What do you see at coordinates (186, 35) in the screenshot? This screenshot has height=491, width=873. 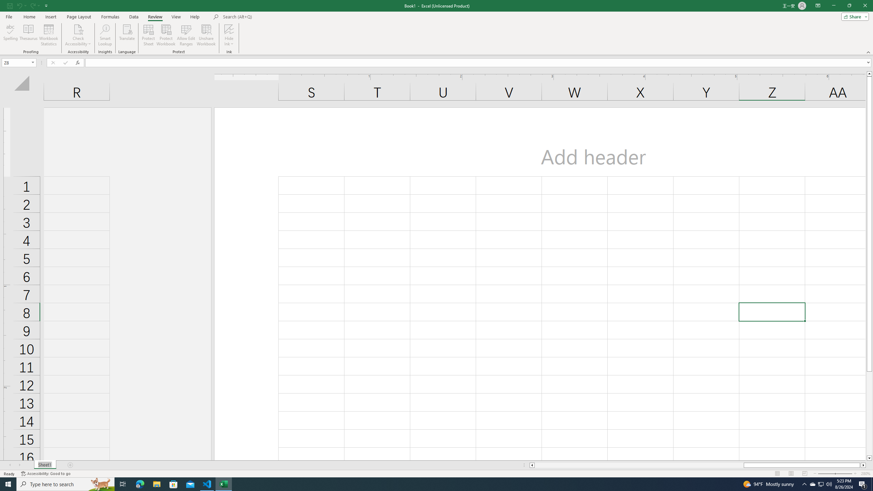 I see `'Allow Edit Ranges'` at bounding box center [186, 35].